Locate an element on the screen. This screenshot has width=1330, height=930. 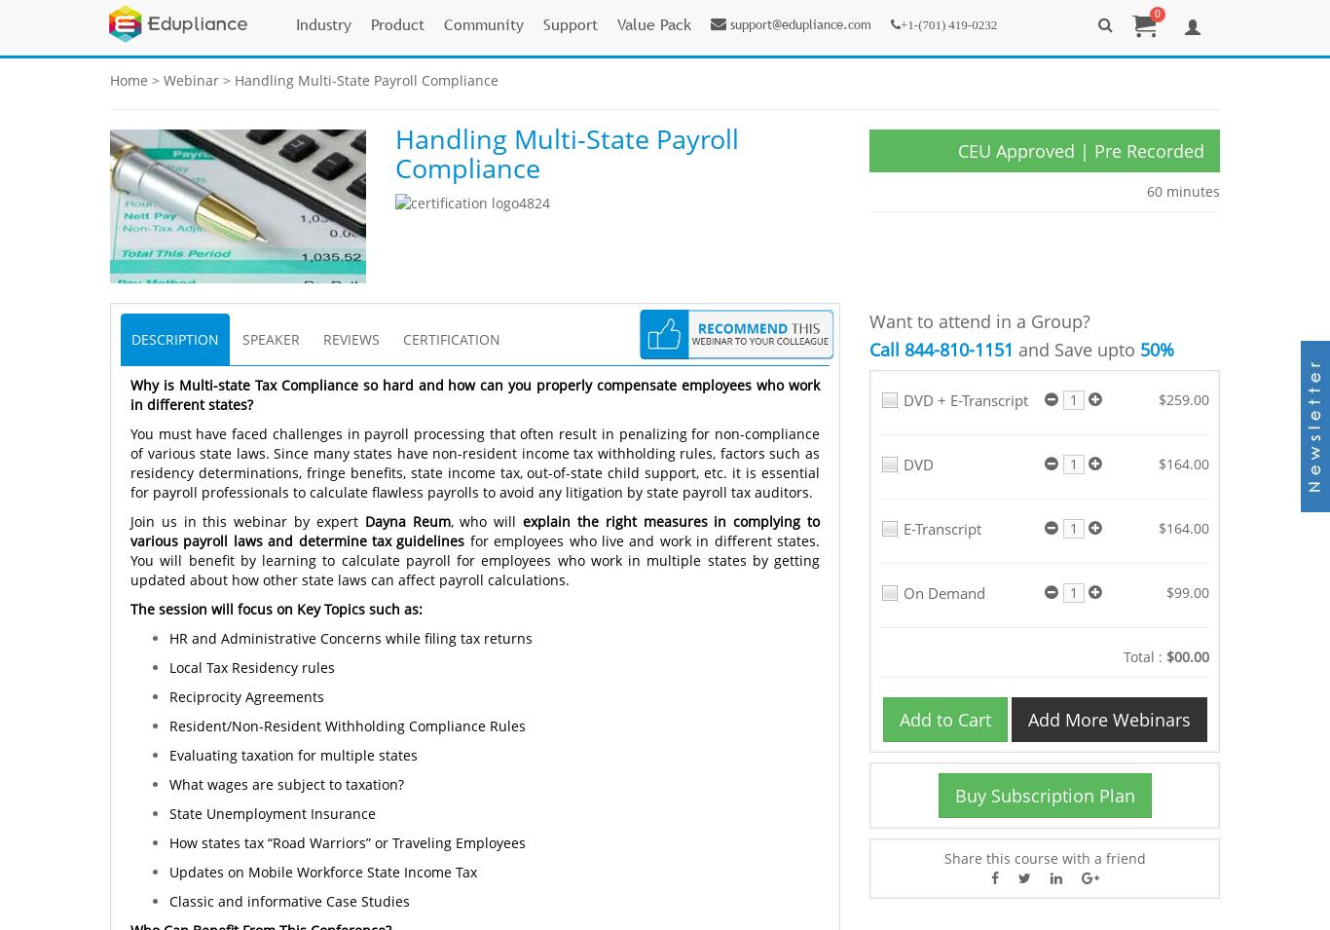
', who will' is located at coordinates (449, 520).